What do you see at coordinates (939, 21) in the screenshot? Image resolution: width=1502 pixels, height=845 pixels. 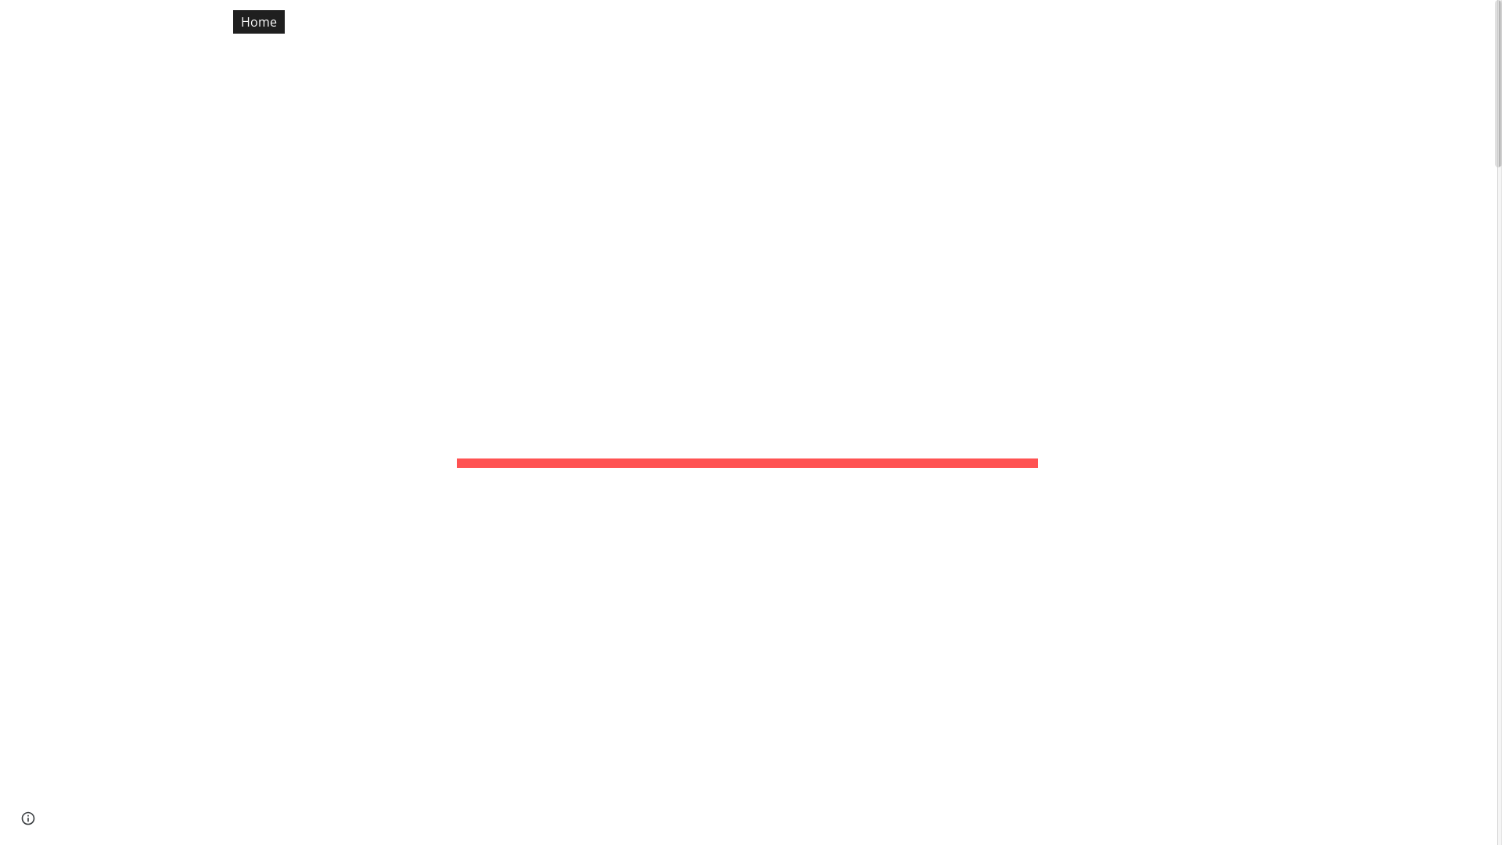 I see `'Careful Consumer'` at bounding box center [939, 21].